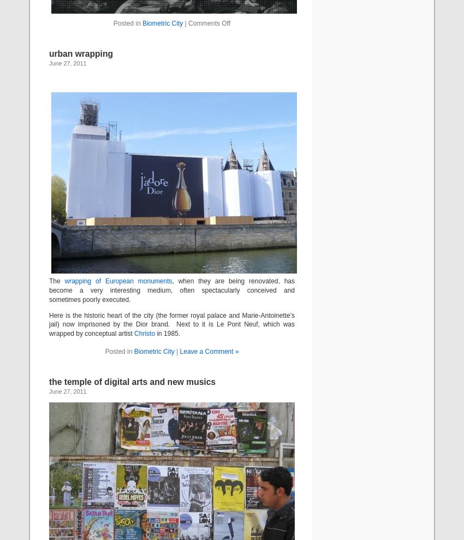  Describe the element at coordinates (56, 281) in the screenshot. I see `'The'` at that location.